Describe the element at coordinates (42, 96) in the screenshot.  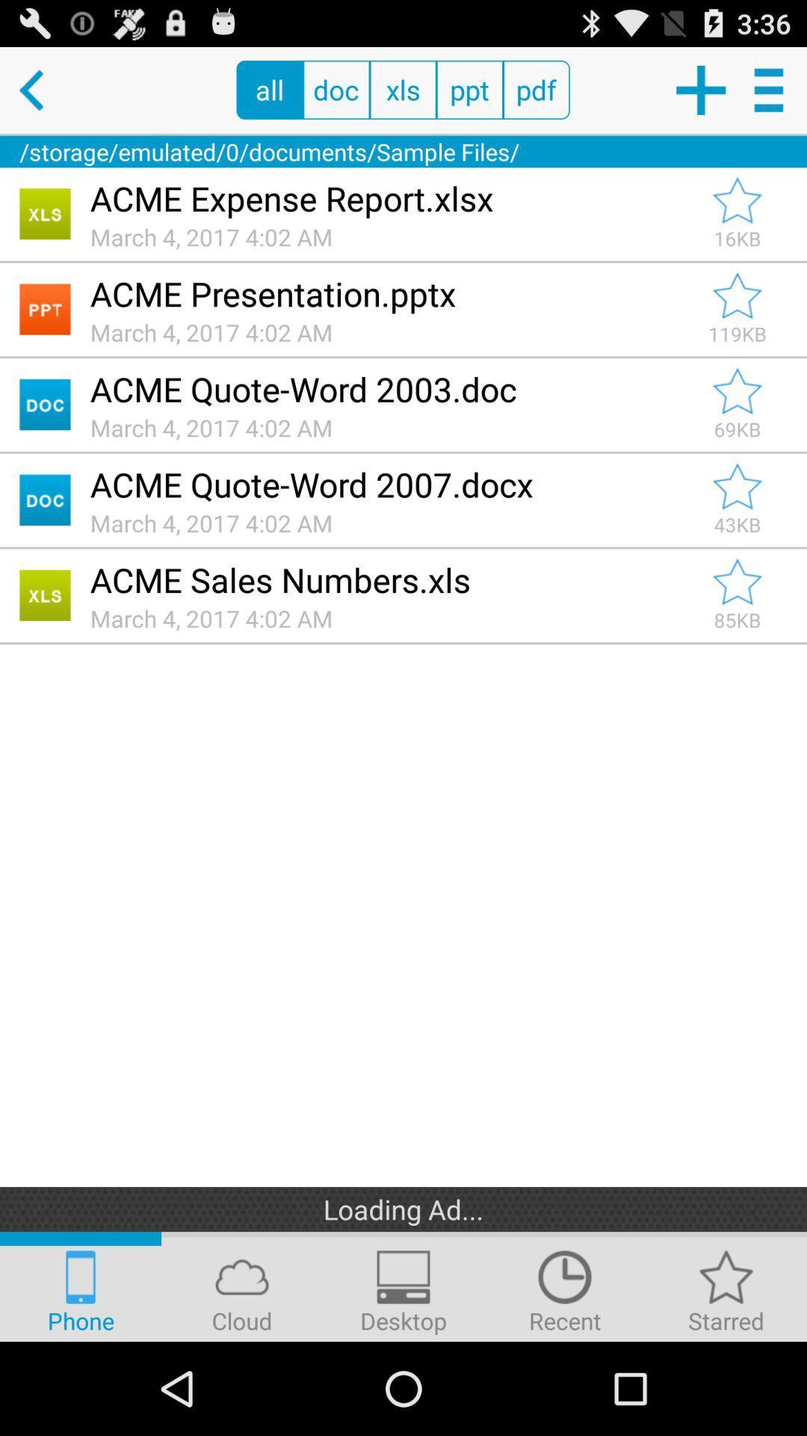
I see `the arrow_backward icon` at that location.